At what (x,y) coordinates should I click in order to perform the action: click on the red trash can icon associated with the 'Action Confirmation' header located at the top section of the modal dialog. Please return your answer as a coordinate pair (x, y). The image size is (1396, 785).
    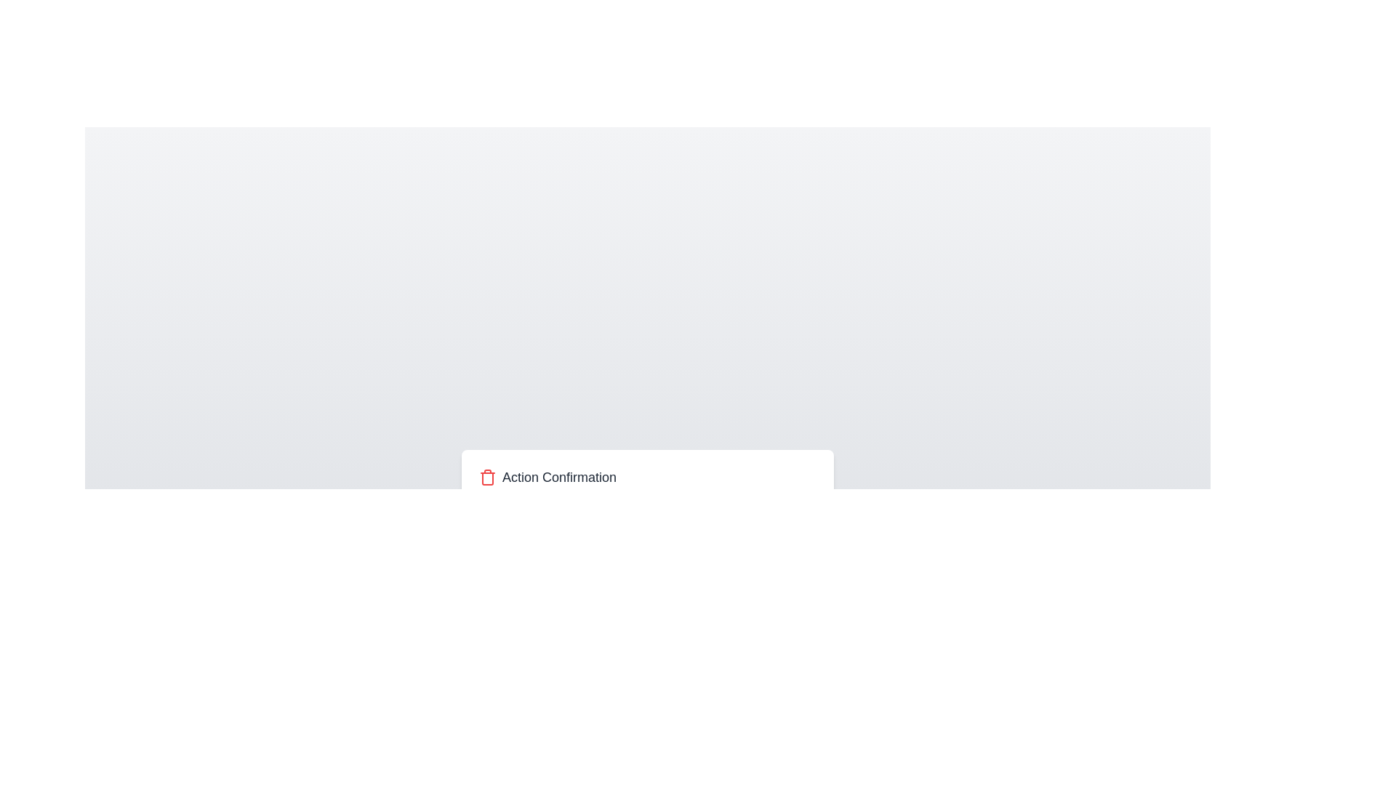
    Looking at the image, I should click on (647, 477).